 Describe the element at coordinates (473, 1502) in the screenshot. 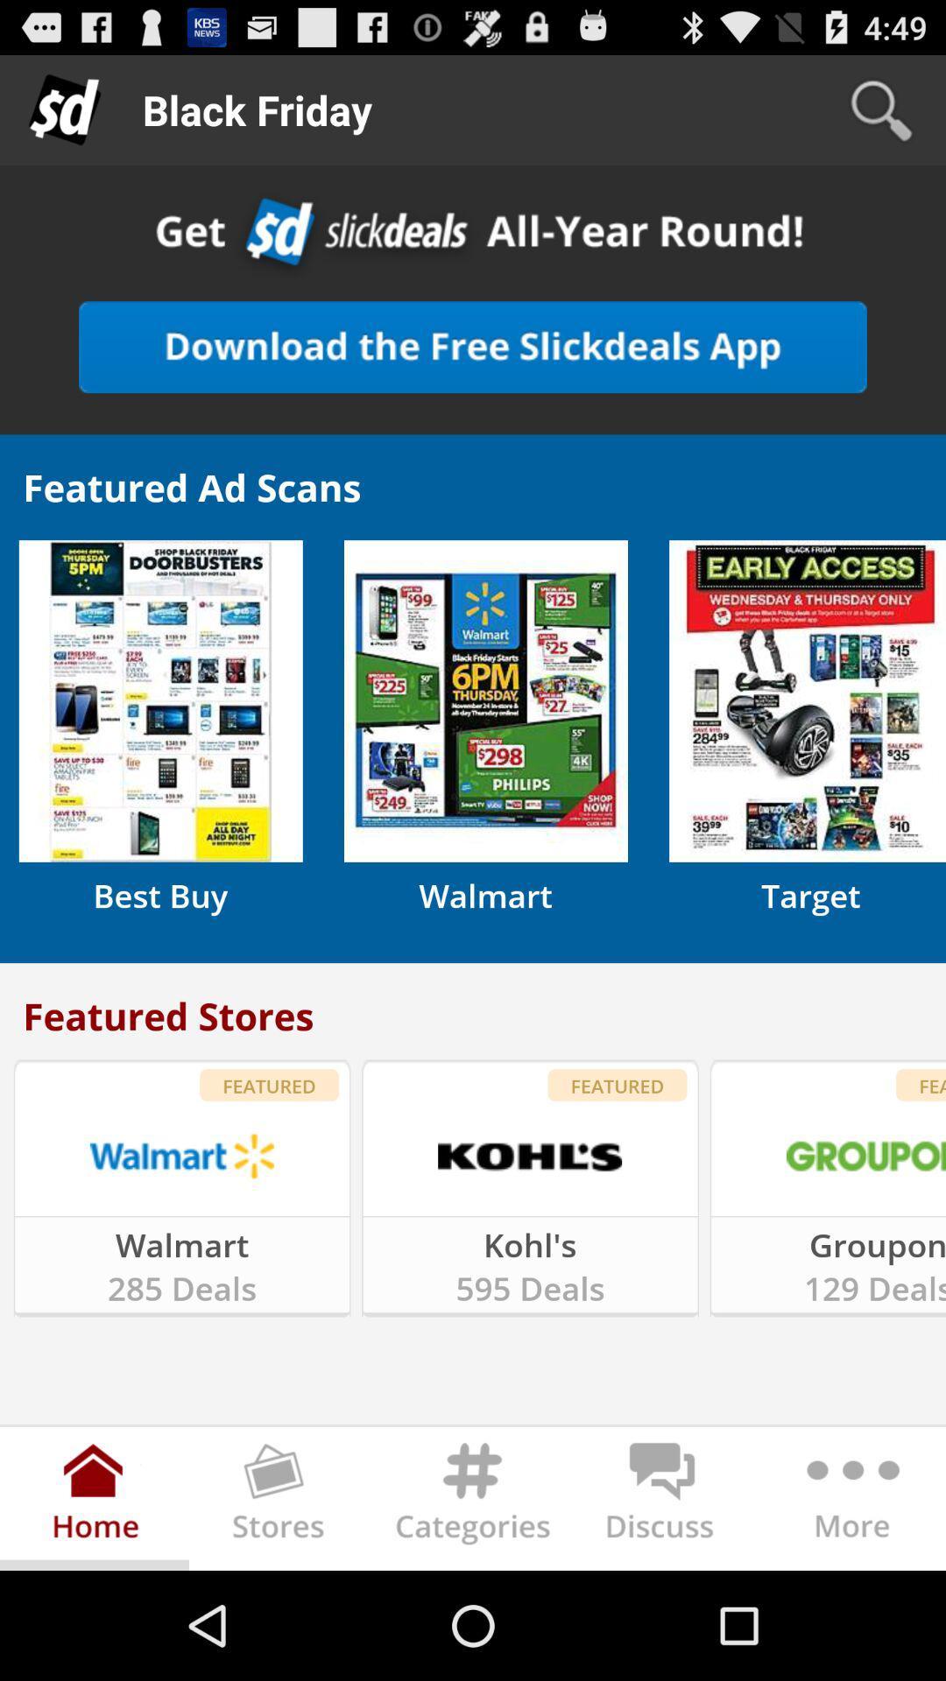

I see `categories option` at that location.